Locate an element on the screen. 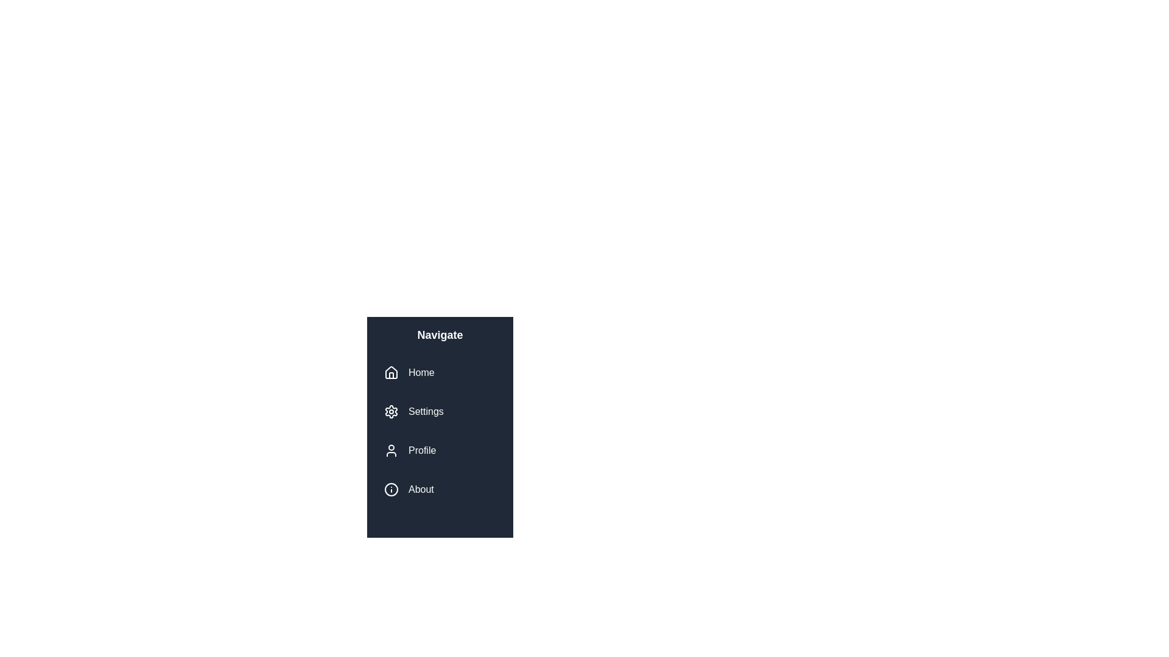 The image size is (1169, 657). the 'Settings' menu item in the Sidebar navigation menu is located at coordinates (440, 431).